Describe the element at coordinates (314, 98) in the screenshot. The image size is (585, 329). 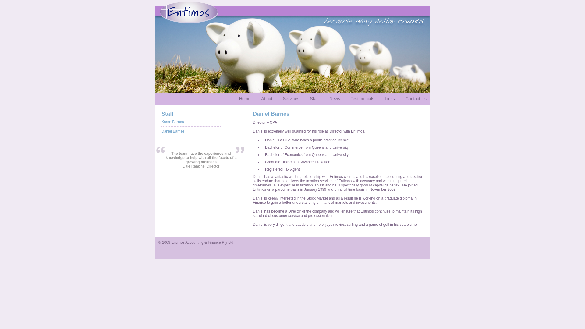
I see `'Staff'` at that location.